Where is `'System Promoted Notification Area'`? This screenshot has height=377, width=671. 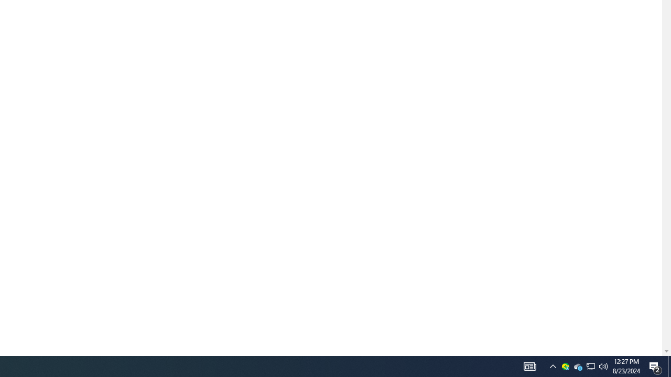 'System Promoted Notification Area' is located at coordinates (565, 365).